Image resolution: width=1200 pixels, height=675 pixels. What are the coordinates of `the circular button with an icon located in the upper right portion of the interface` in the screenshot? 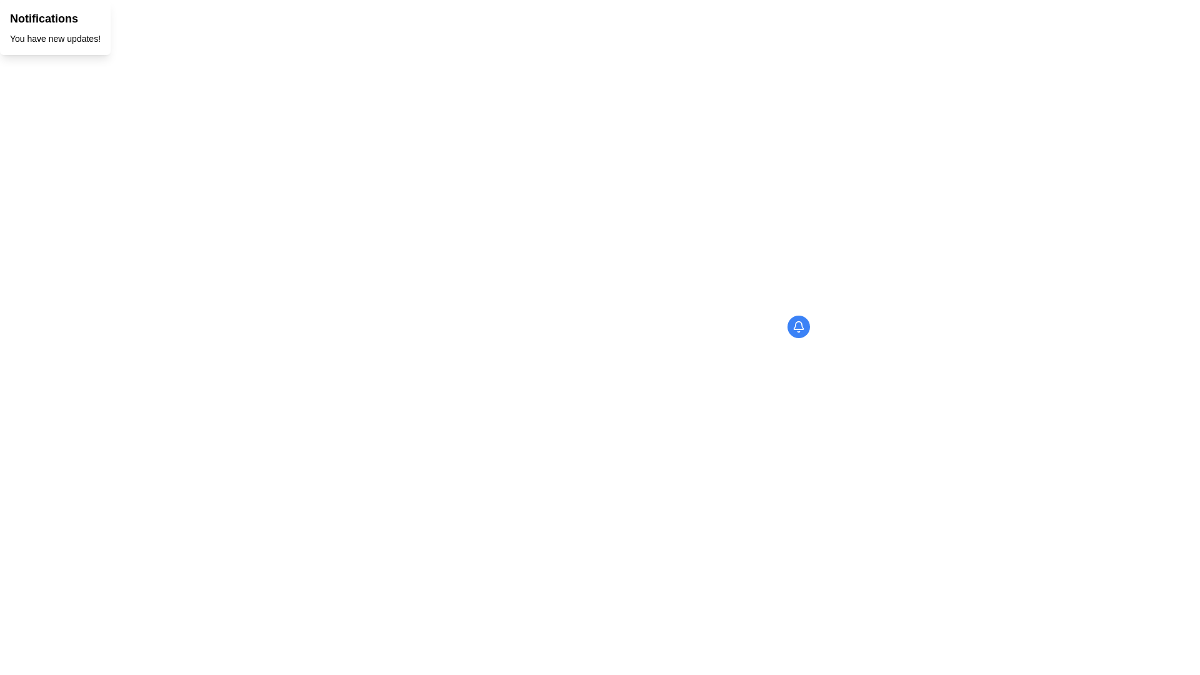 It's located at (797, 326).